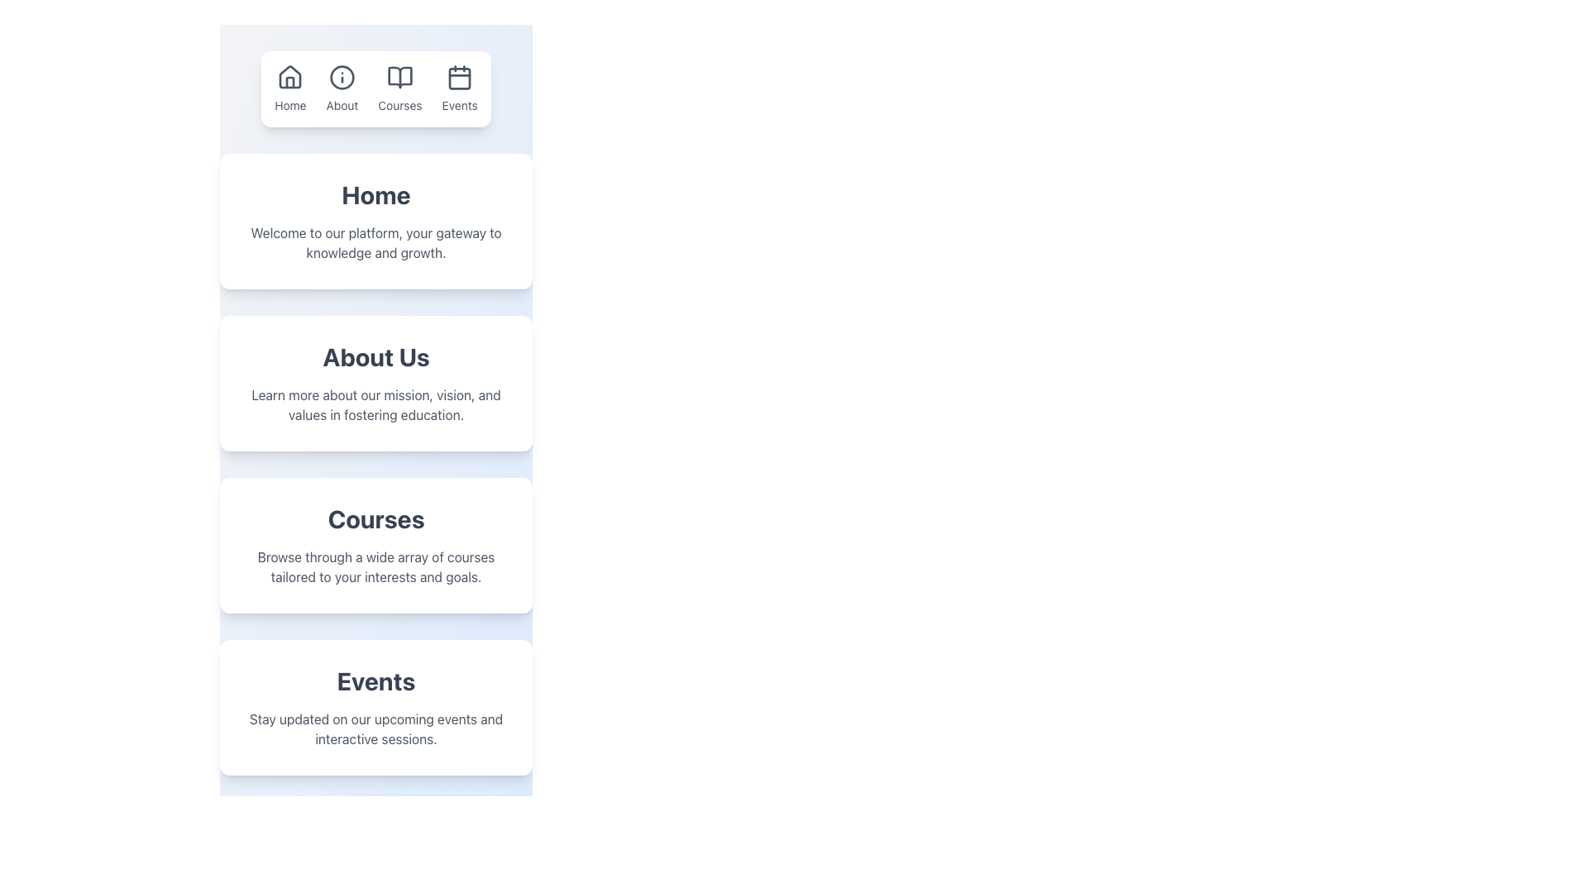  Describe the element at coordinates (375, 566) in the screenshot. I see `descriptive text block that states: 'Browse through a wide array of courses tailored to your interests and goals.' located below the 'Courses' heading` at that location.